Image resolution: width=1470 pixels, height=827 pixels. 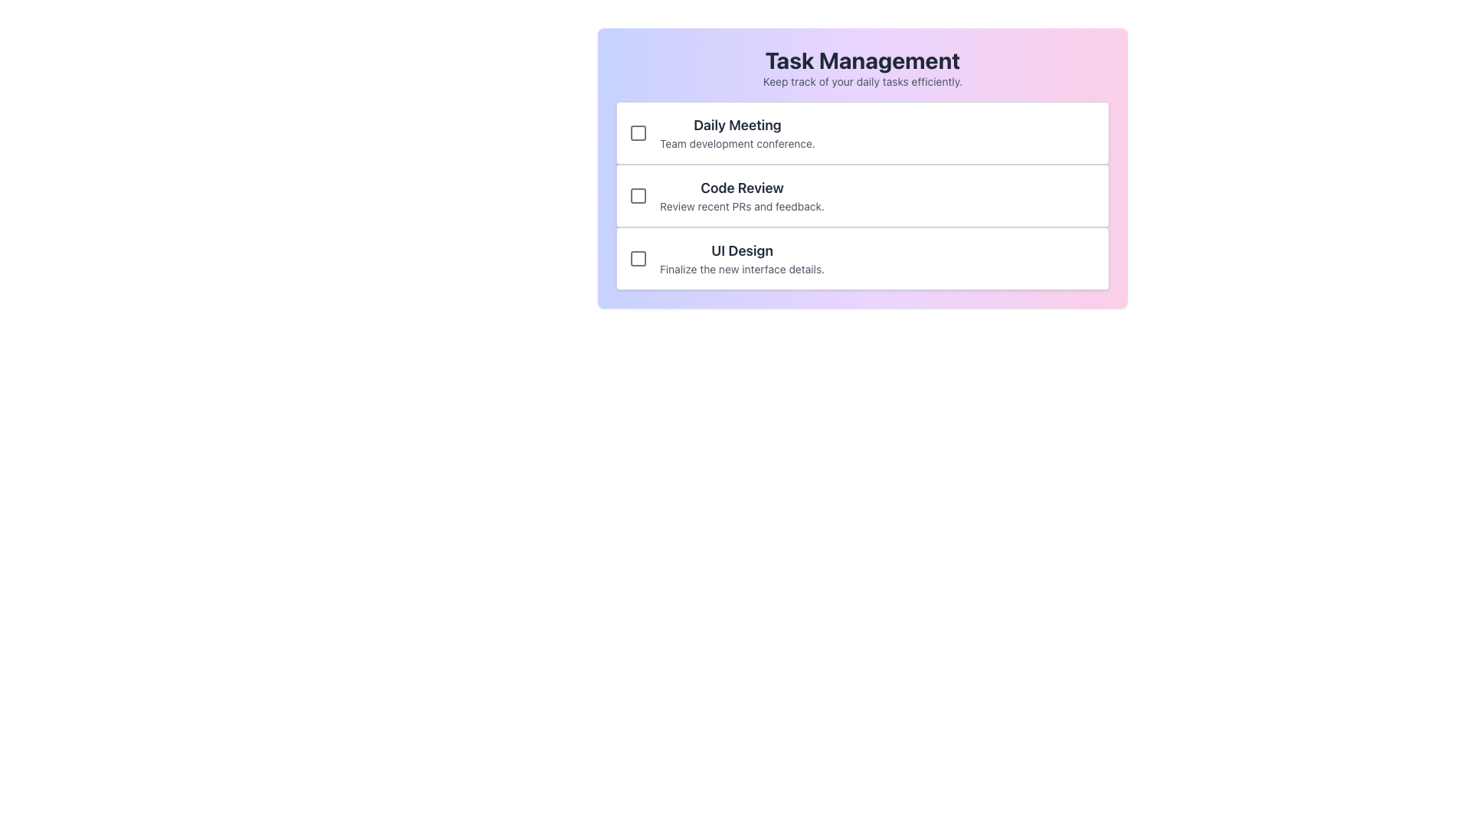 I want to click on the 'Daily Meeting' text label element, so click(x=737, y=125).